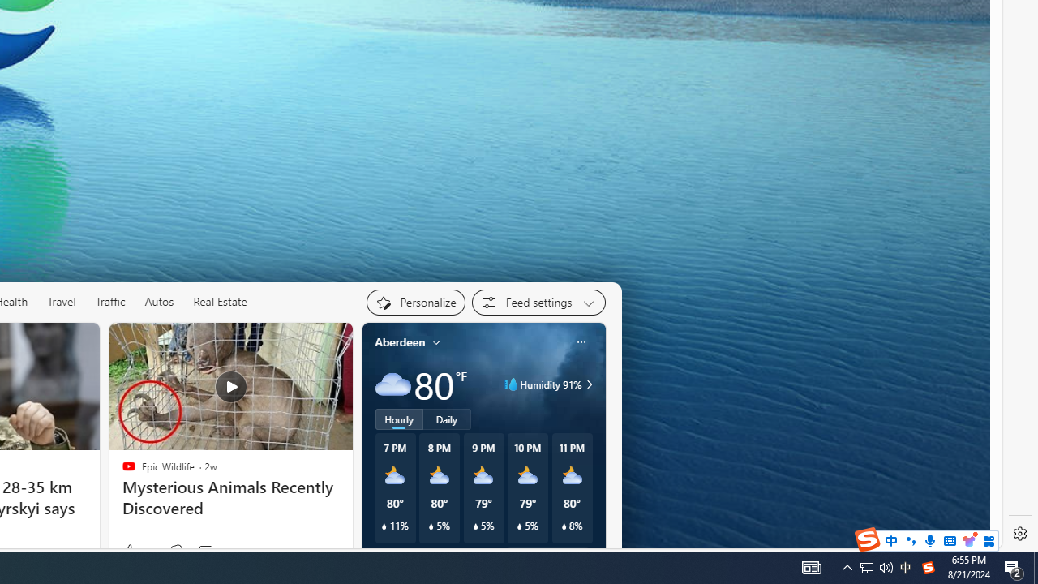 This screenshot has width=1038, height=584. Describe the element at coordinates (436, 341) in the screenshot. I see `'My location'` at that location.